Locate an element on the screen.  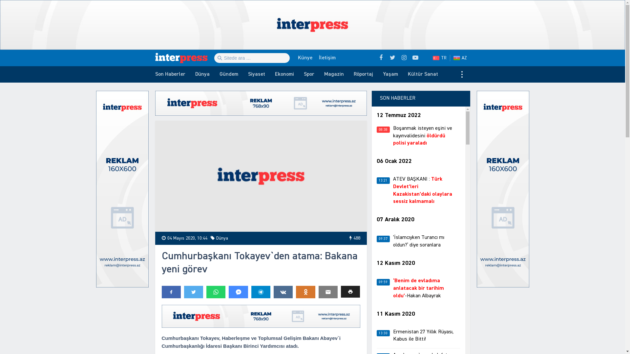
'Share: Facebook' is located at coordinates (171, 292).